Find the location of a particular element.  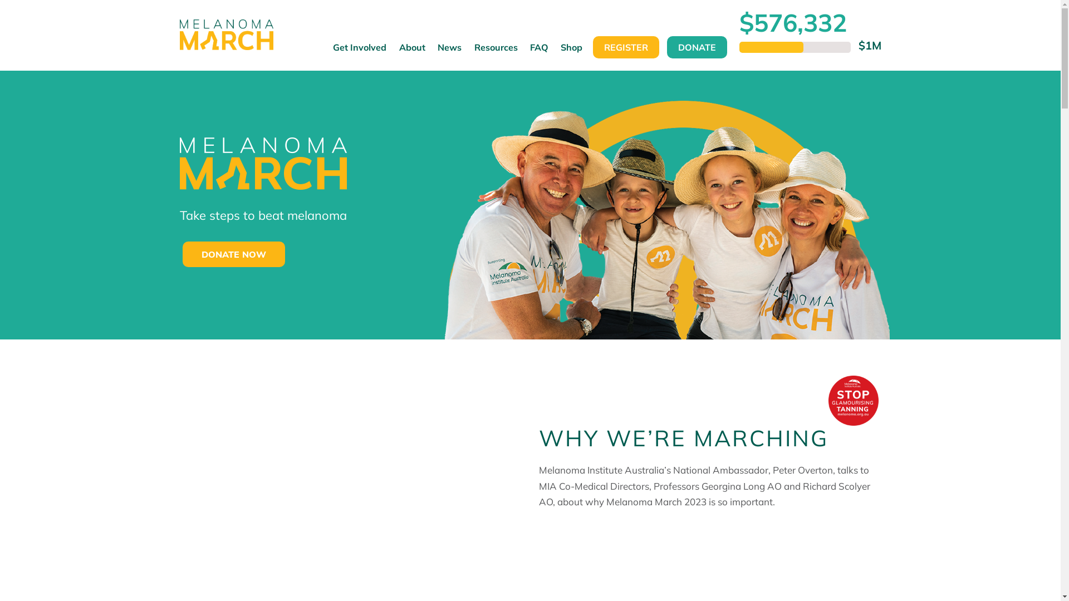

'About' is located at coordinates (411, 52).